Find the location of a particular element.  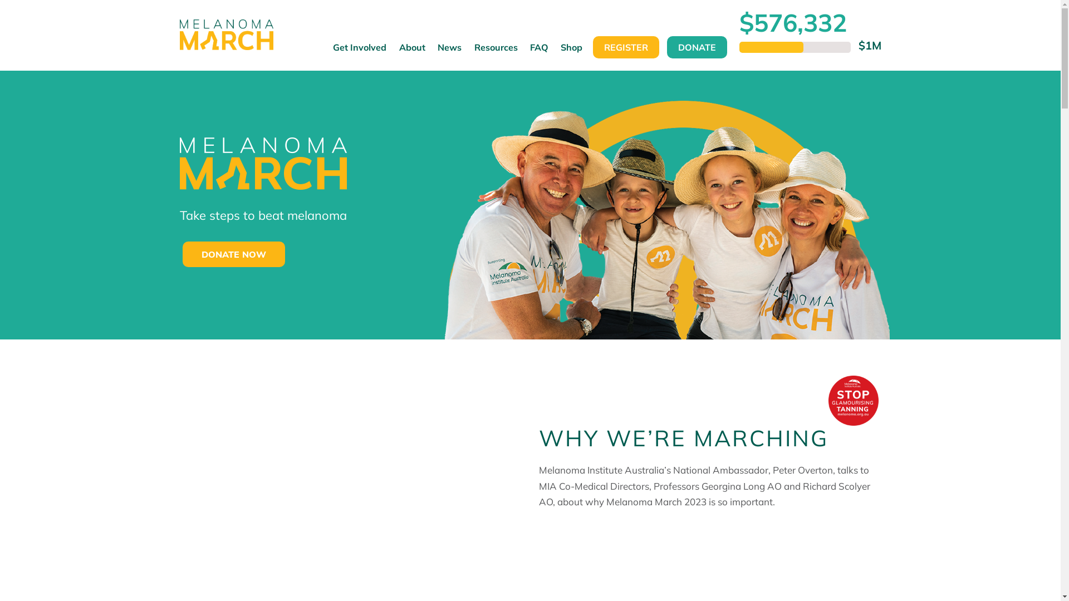

'About' is located at coordinates (411, 52).